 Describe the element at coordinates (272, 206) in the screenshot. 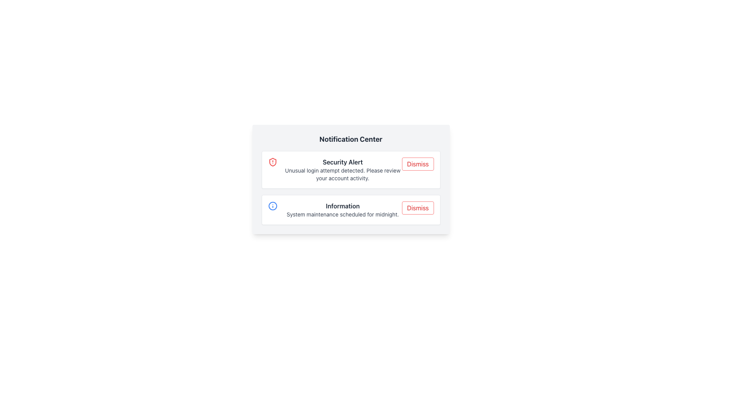

I see `the informational icon located at the far left of the notification box labeled 'Information: System maintenance scheduled for midnight.'` at that location.